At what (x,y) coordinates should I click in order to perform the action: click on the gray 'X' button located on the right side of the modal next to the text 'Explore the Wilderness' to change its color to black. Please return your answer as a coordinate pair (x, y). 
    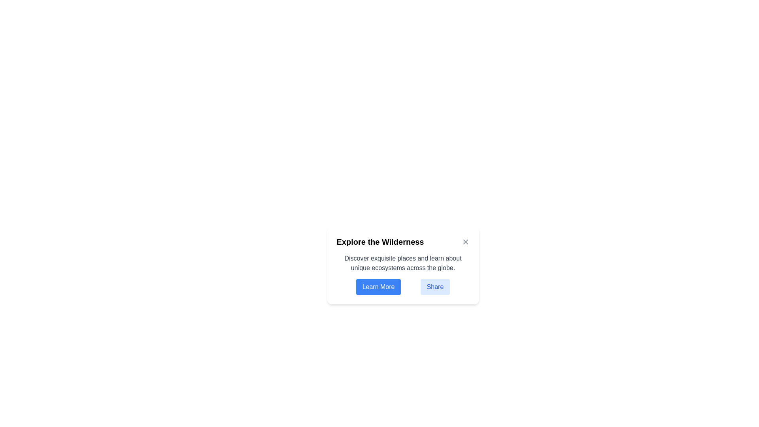
    Looking at the image, I should click on (465, 242).